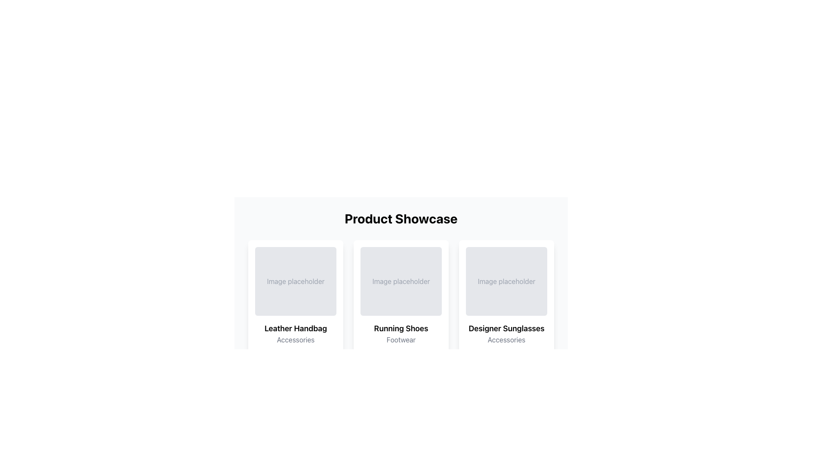  I want to click on the 'Running Shoes' text label, which is bold and larger in font size, center-aligned in the middle product card of the displayed product cards, so click(401, 328).